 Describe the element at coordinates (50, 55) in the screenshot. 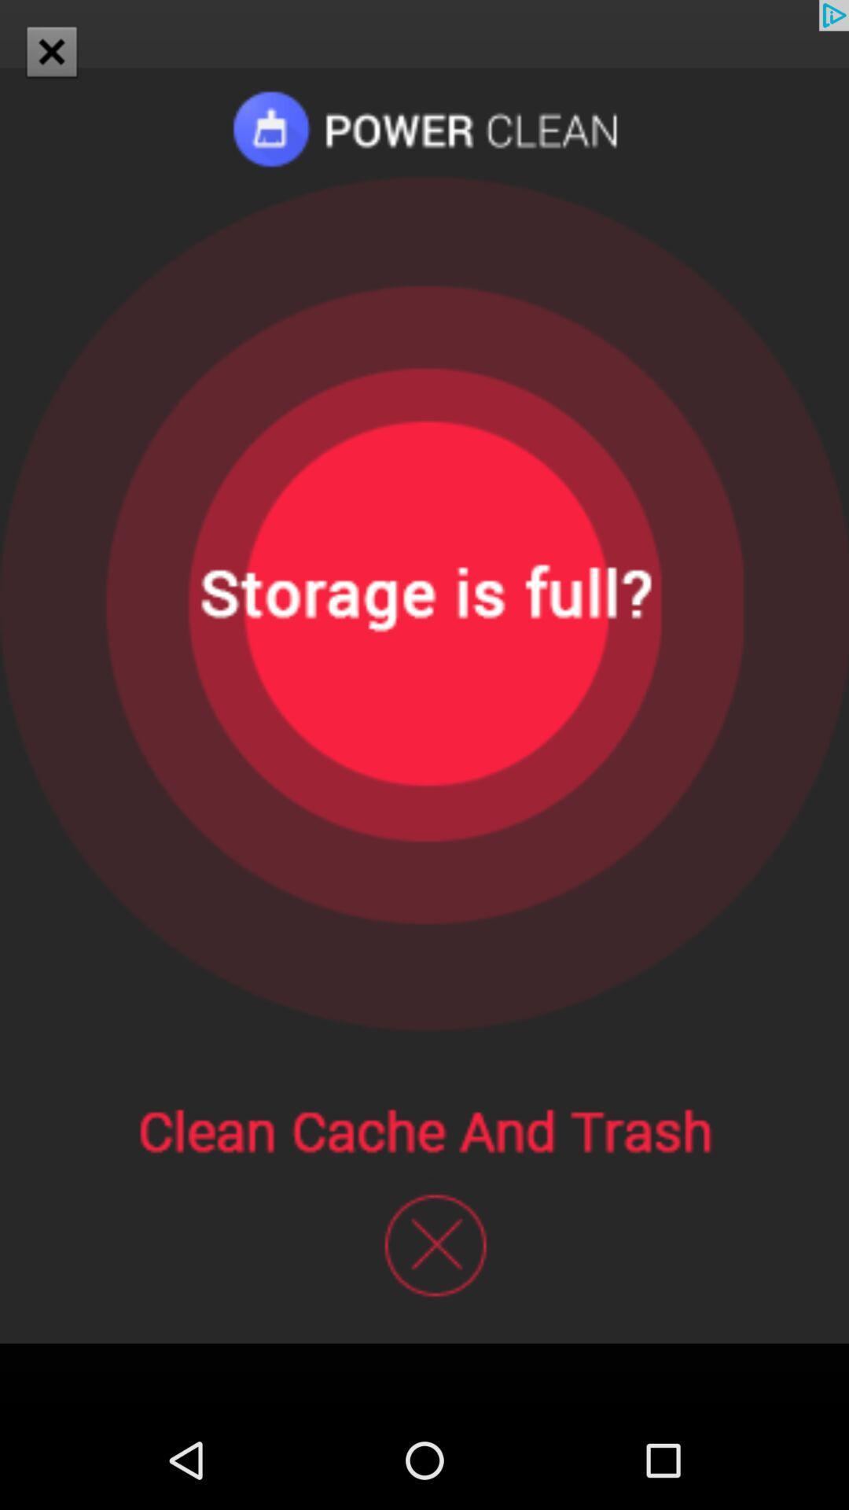

I see `the close icon` at that location.